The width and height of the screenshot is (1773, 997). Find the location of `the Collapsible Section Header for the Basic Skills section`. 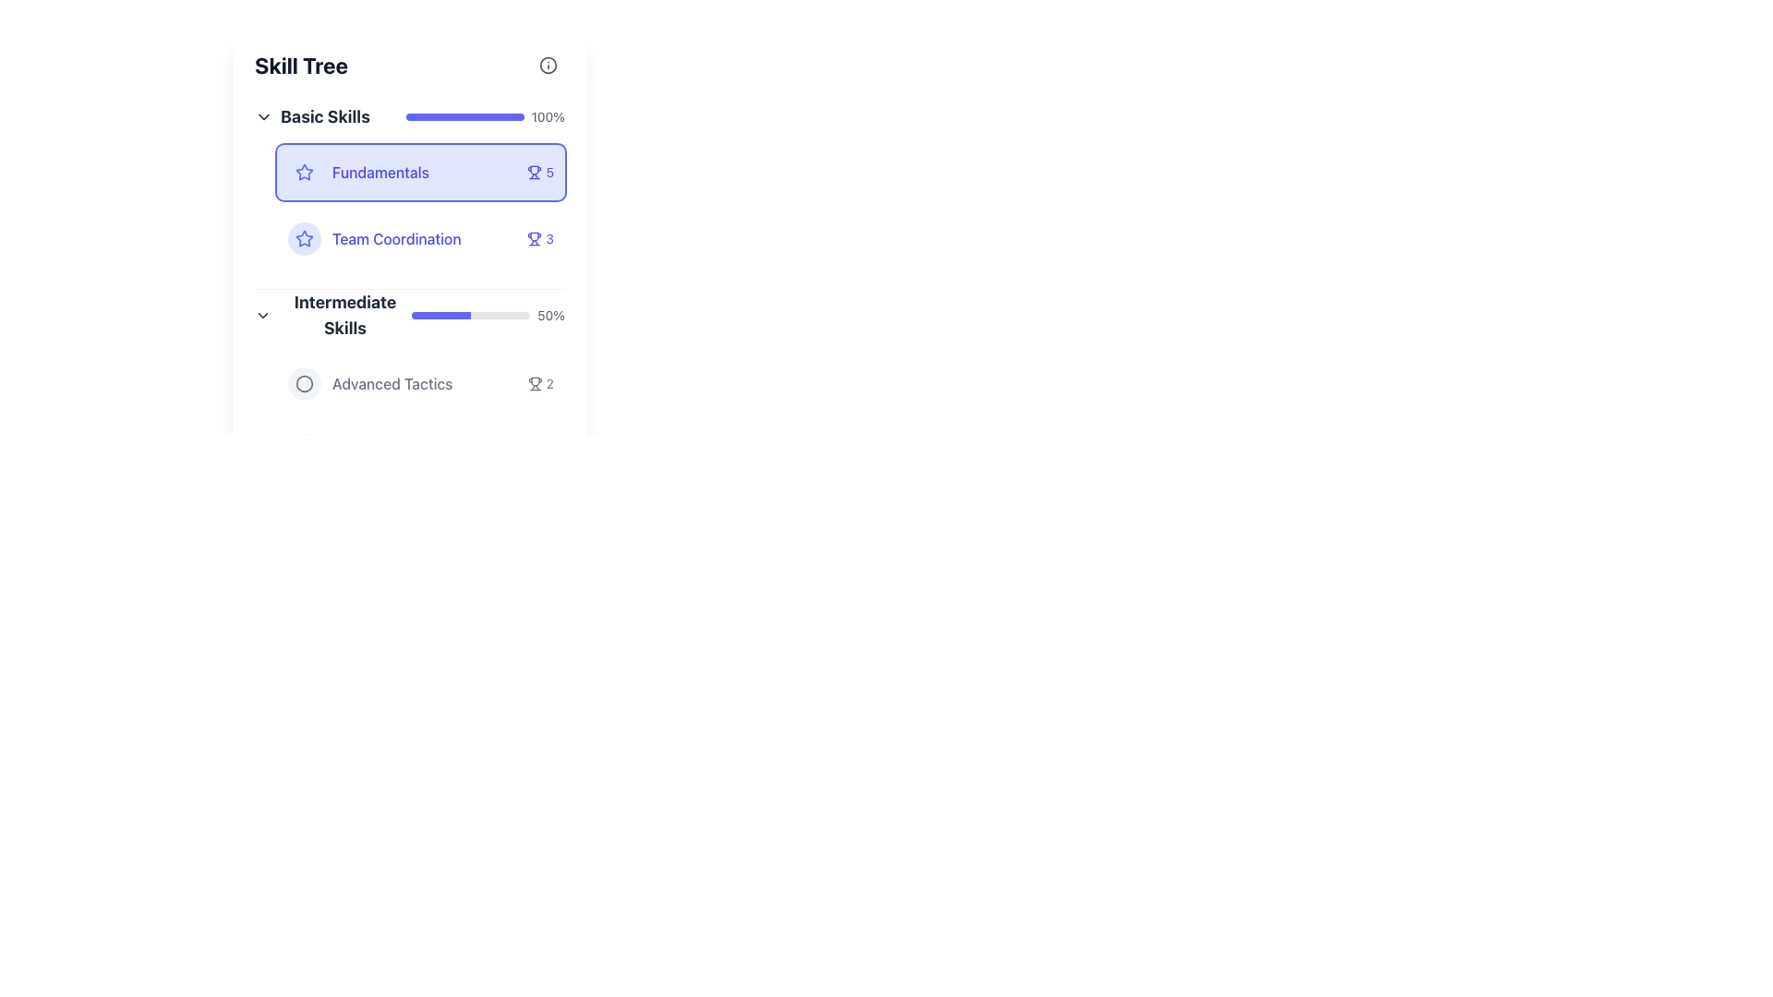

the Collapsible Section Header for the Basic Skills section is located at coordinates (312, 117).